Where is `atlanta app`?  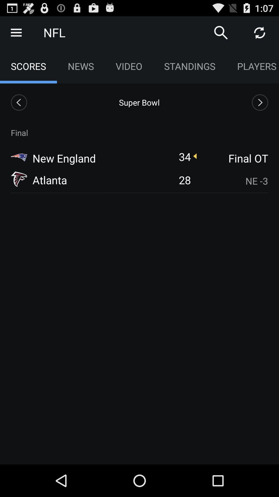 atlanta app is located at coordinates (50, 180).